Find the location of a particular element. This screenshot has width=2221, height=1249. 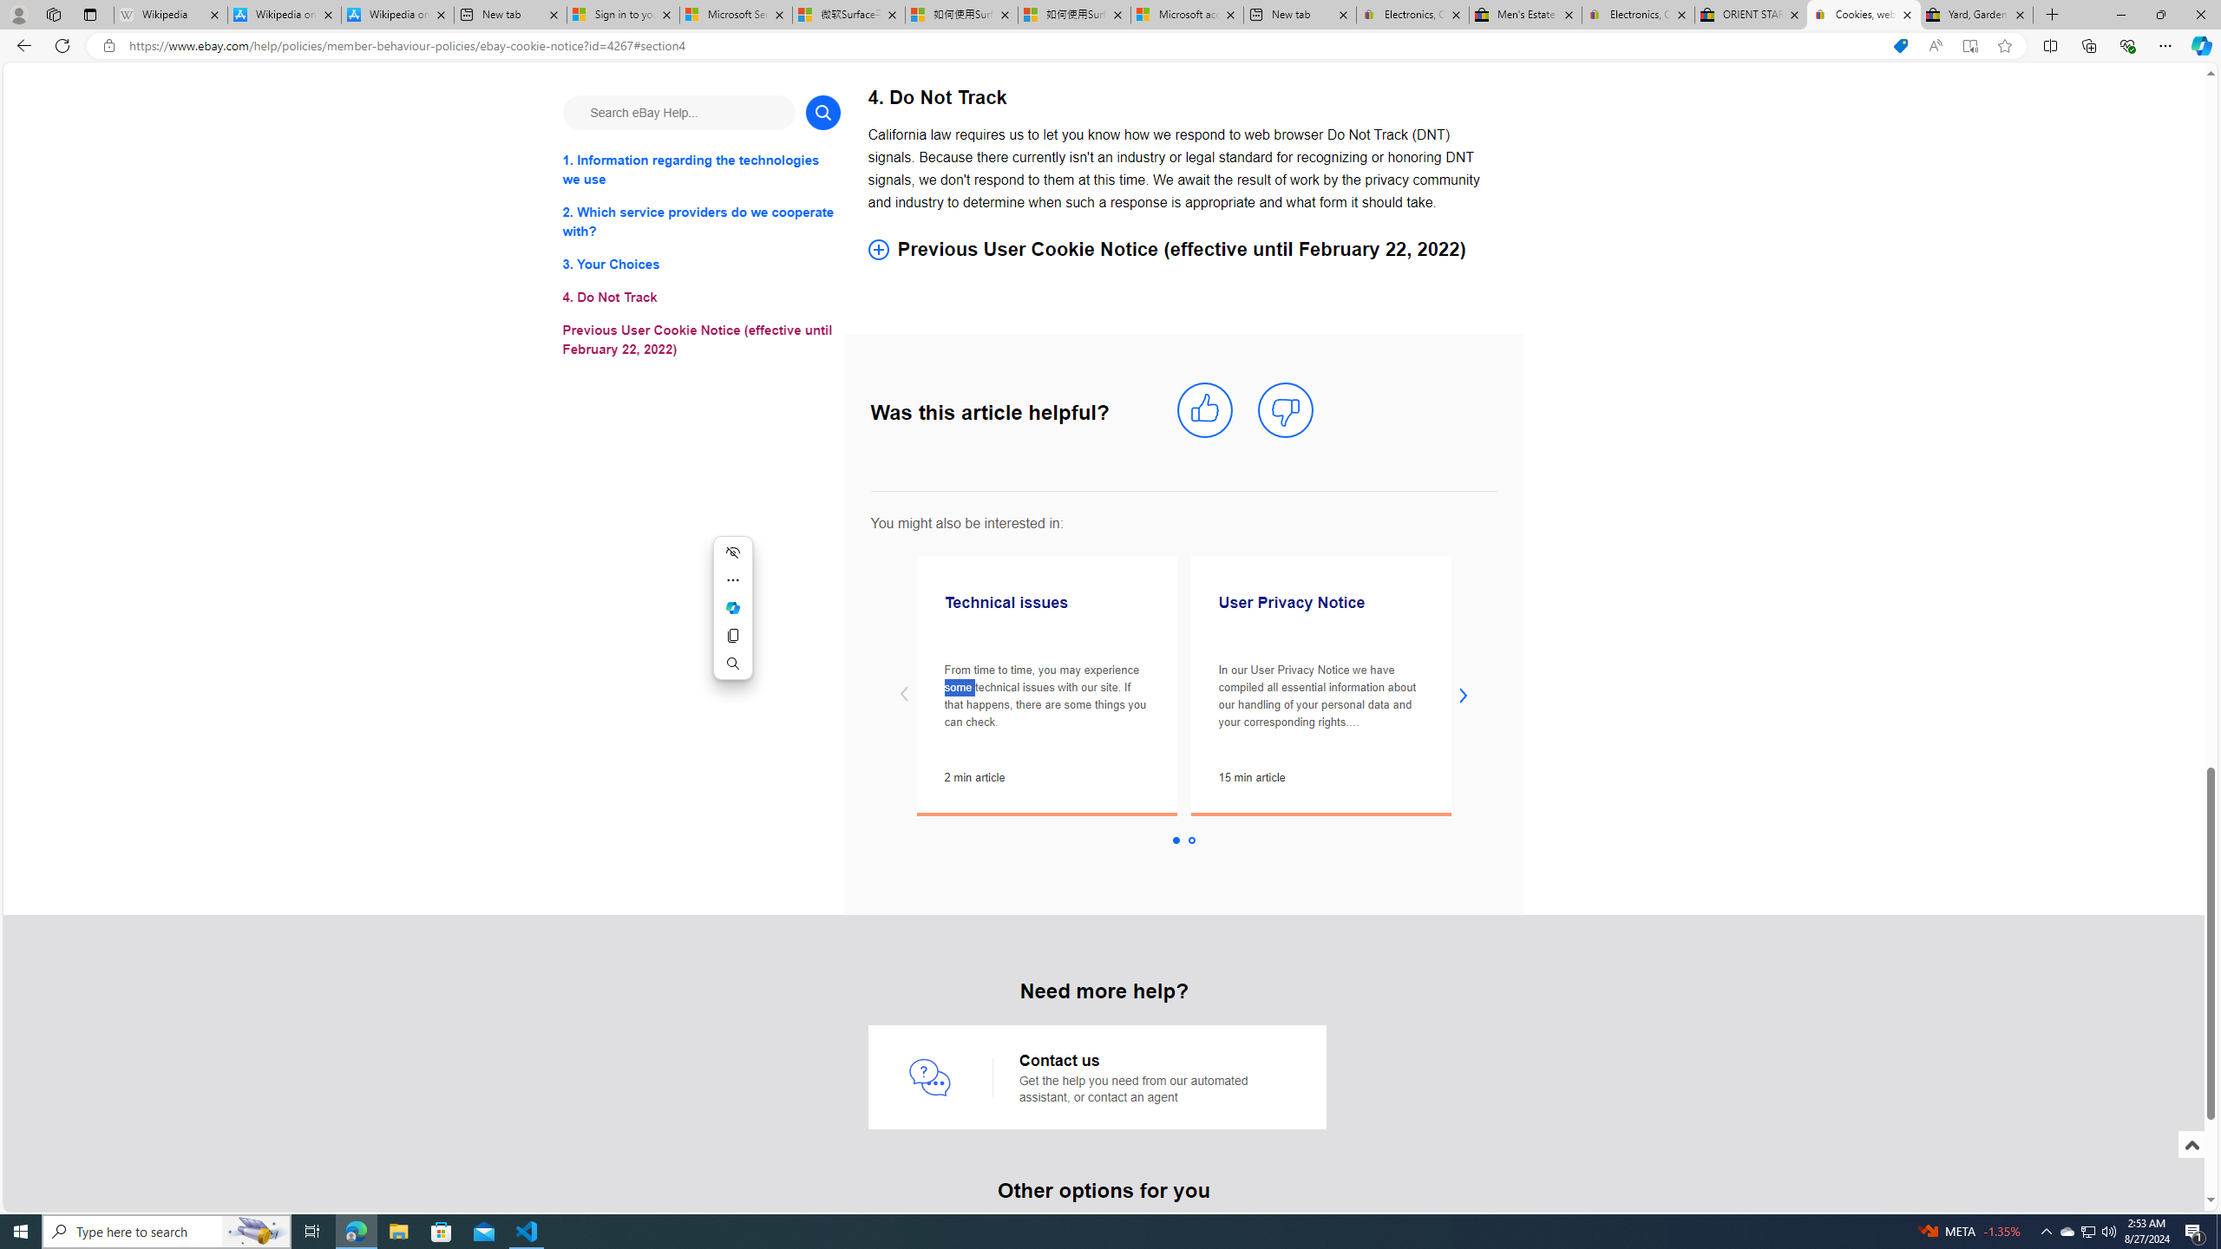

'mark this article not helpful' is located at coordinates (1285, 409).